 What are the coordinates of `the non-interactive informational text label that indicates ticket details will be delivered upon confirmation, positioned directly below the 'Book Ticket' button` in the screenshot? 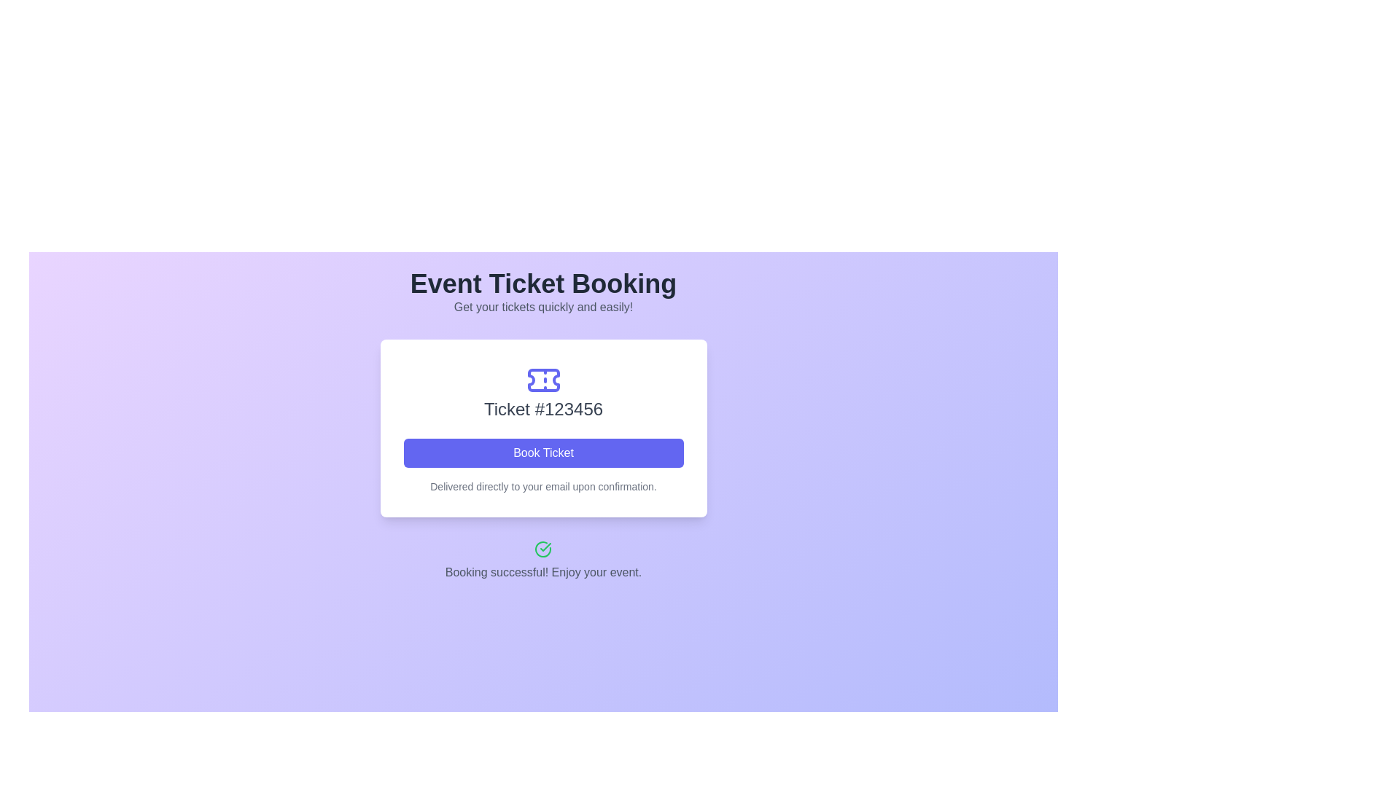 It's located at (542, 486).